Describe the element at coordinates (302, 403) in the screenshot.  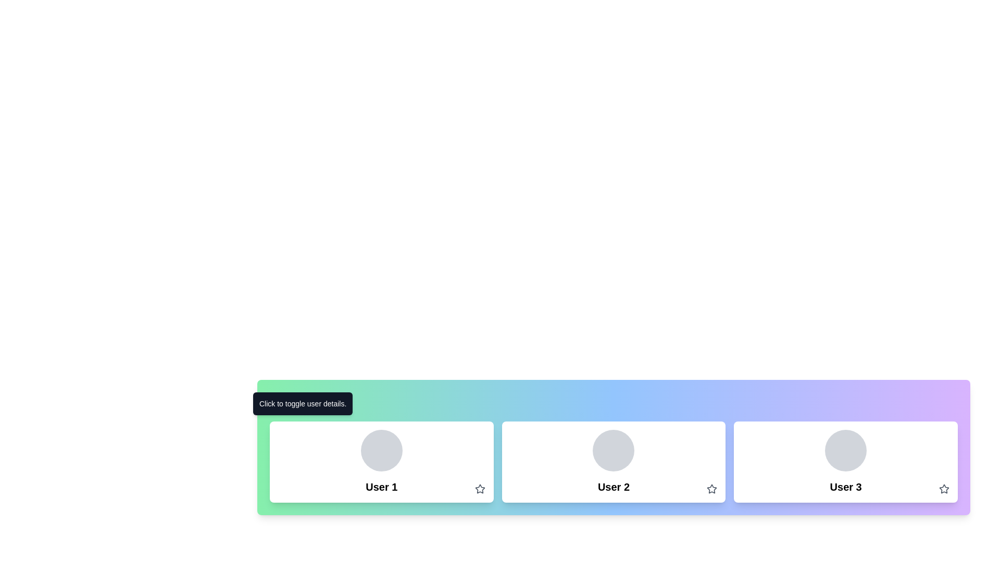
I see `the tooltip-style informational box located above and slightly to the left of the grid layout containing 'User 1', 'User 2', and 'User 3'` at that location.